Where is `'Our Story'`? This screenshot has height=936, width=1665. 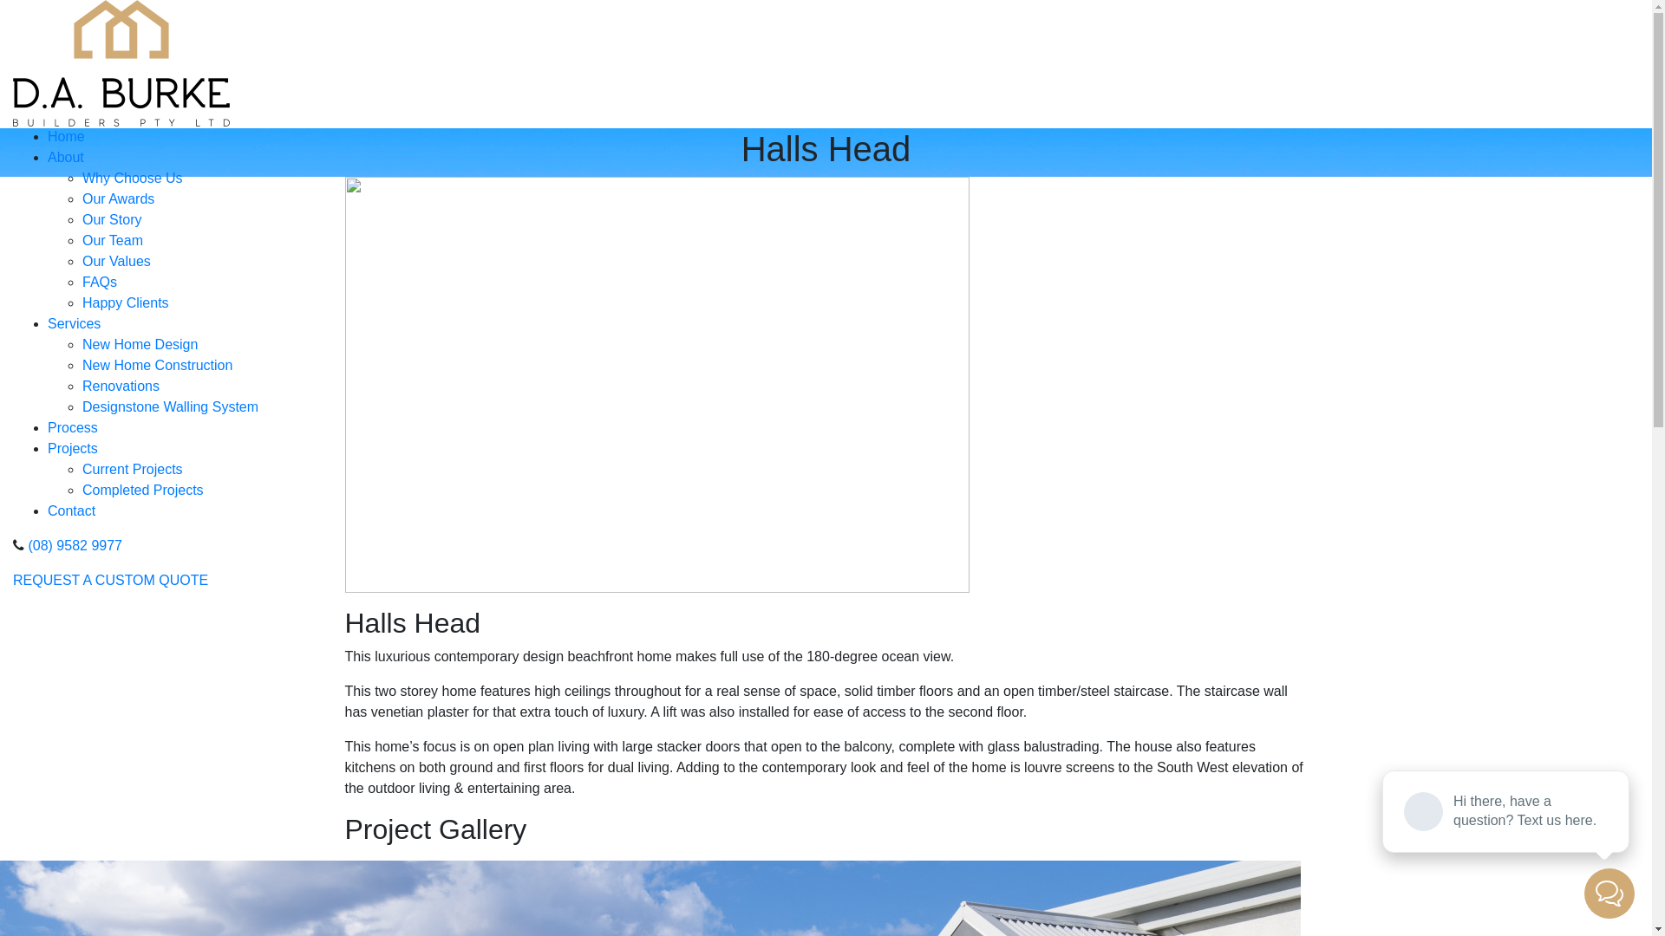
'Our Story' is located at coordinates (111, 218).